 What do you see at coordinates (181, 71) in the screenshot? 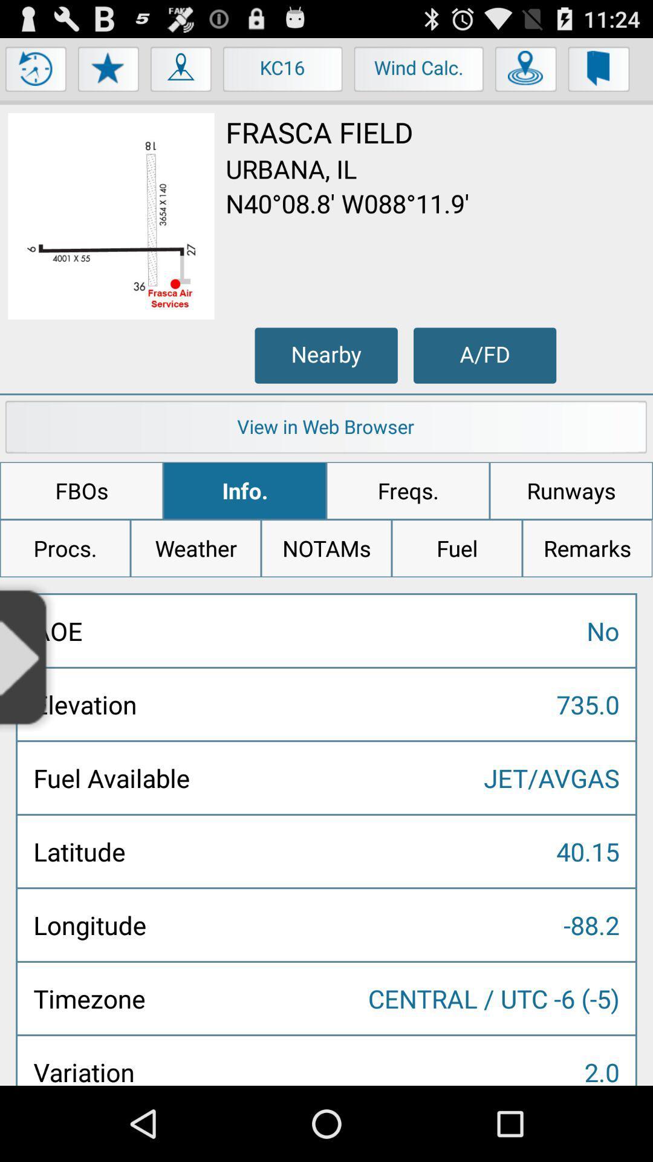
I see `the icon next to the kc16` at bounding box center [181, 71].